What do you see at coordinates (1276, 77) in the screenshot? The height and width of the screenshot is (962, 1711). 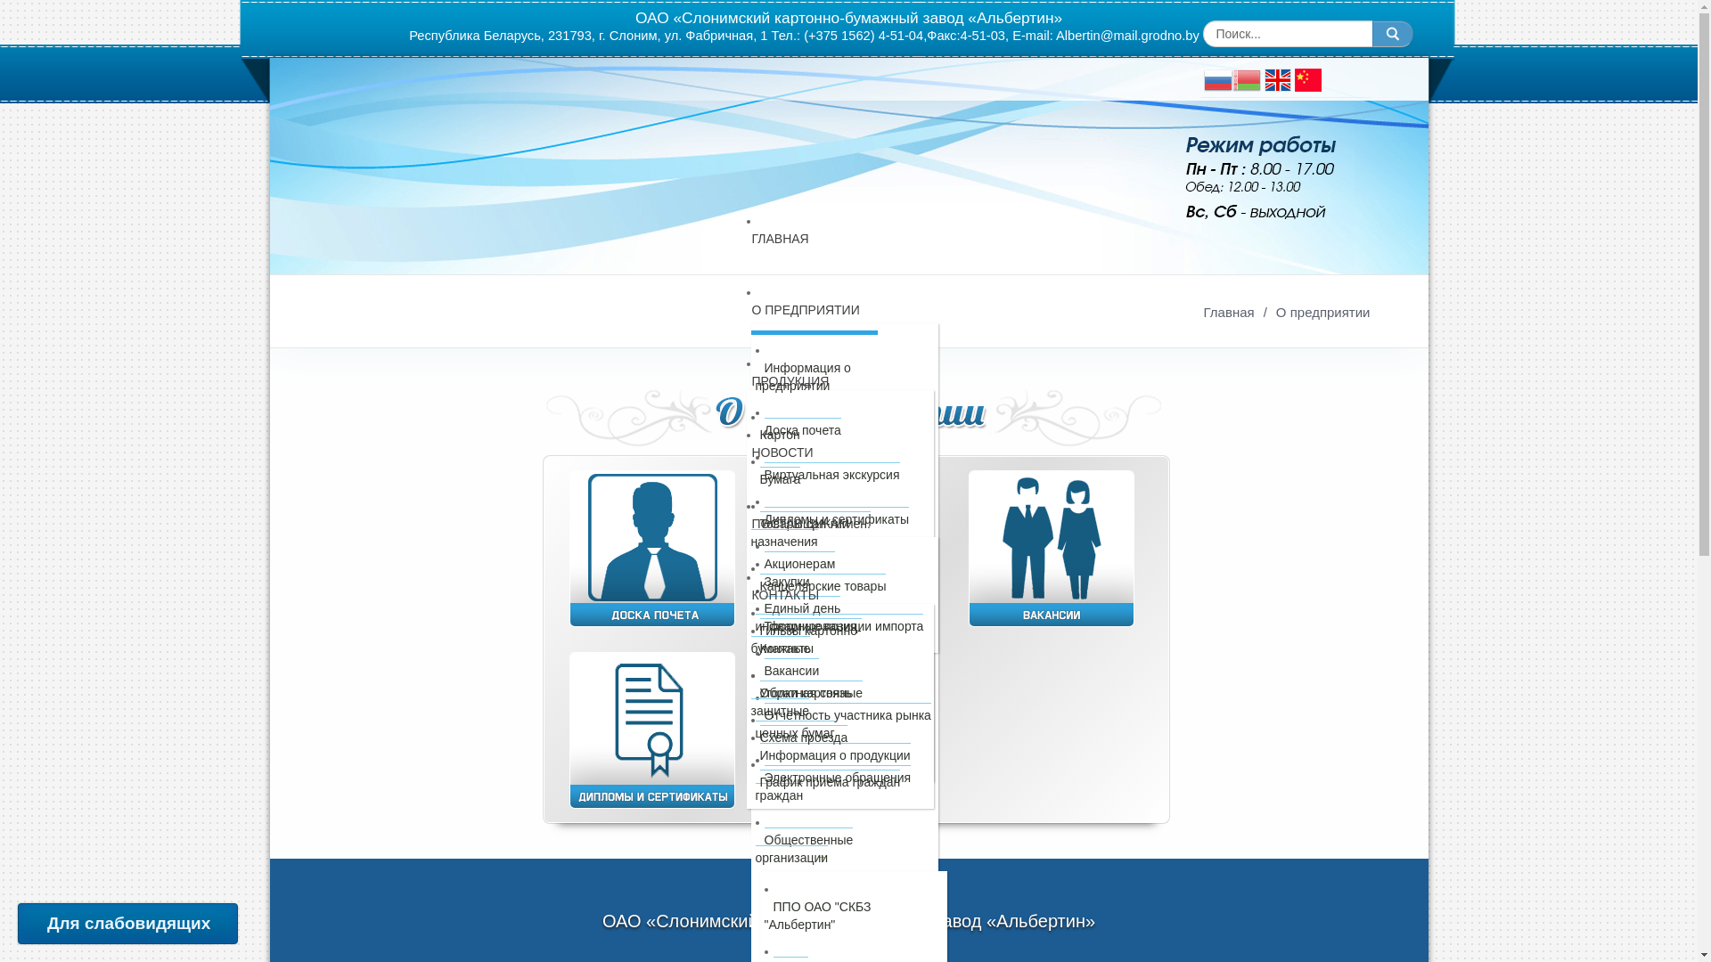 I see `'English language'` at bounding box center [1276, 77].